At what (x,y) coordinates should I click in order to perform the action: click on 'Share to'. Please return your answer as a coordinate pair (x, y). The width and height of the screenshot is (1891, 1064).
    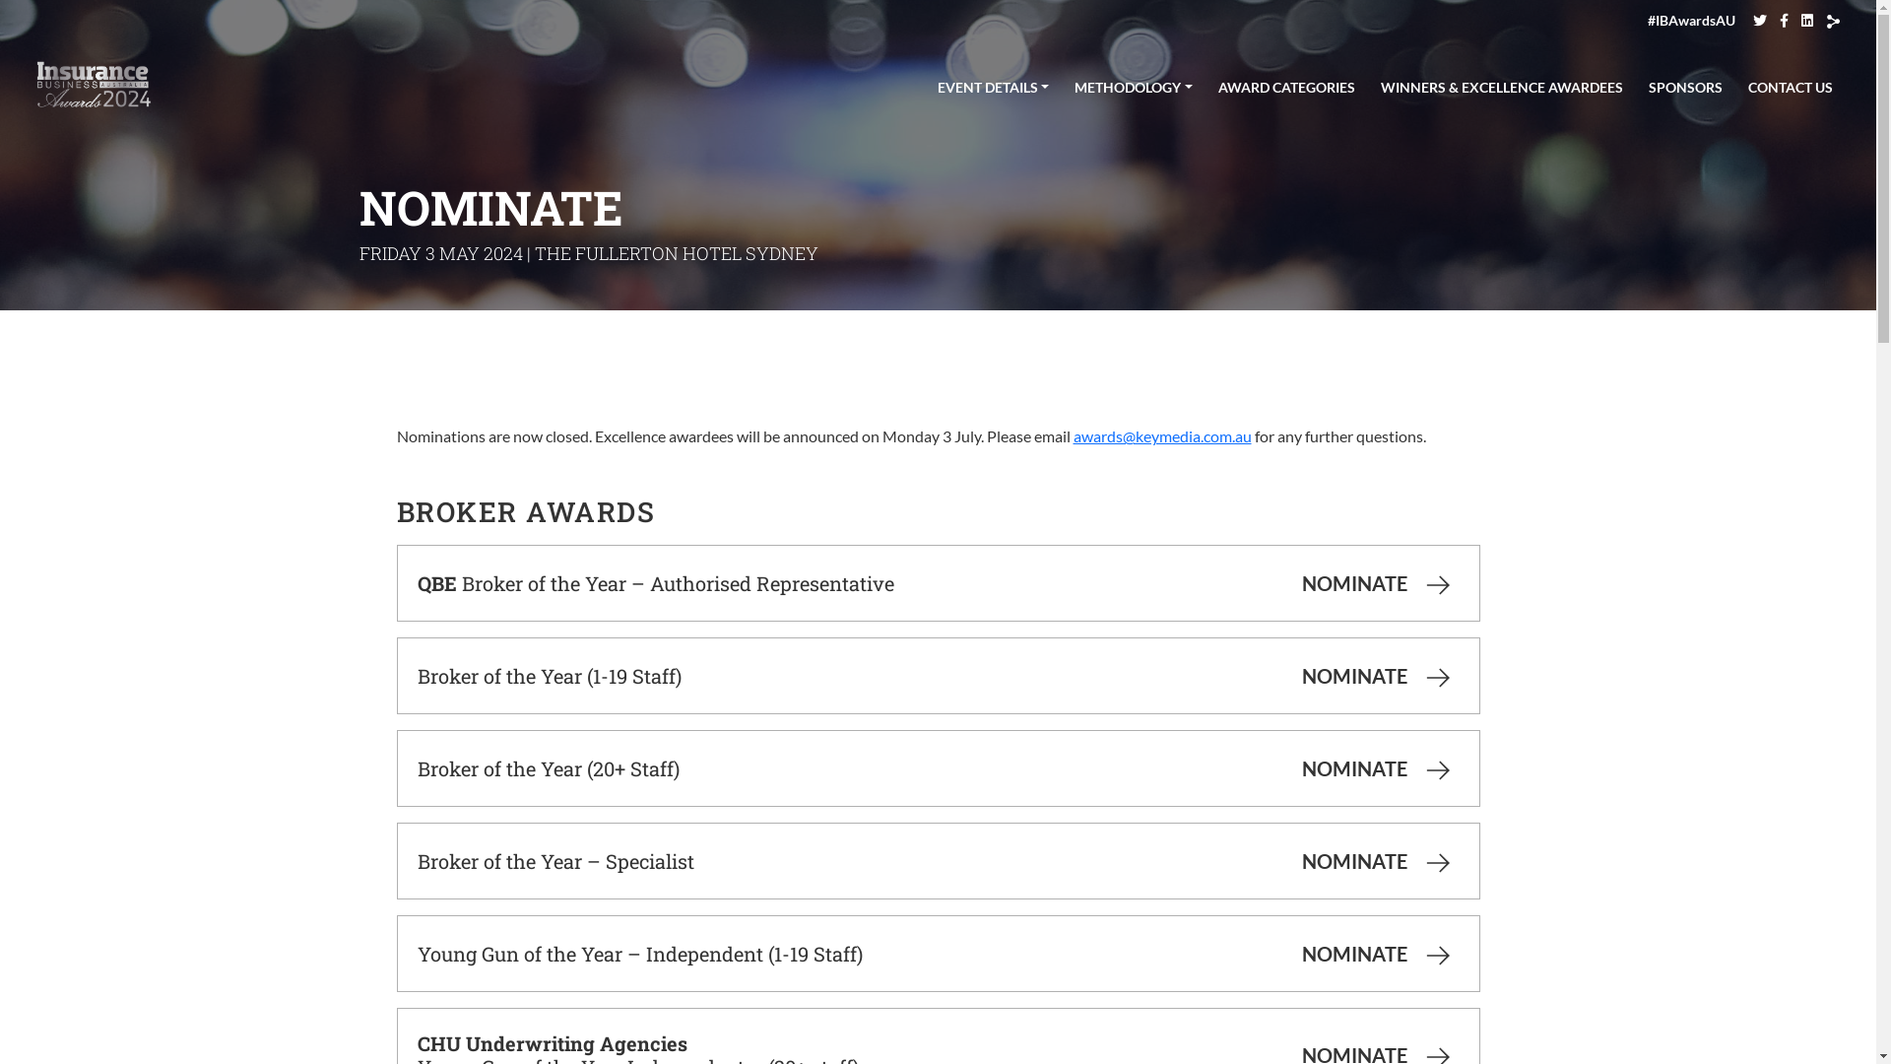
    Looking at the image, I should click on (1832, 22).